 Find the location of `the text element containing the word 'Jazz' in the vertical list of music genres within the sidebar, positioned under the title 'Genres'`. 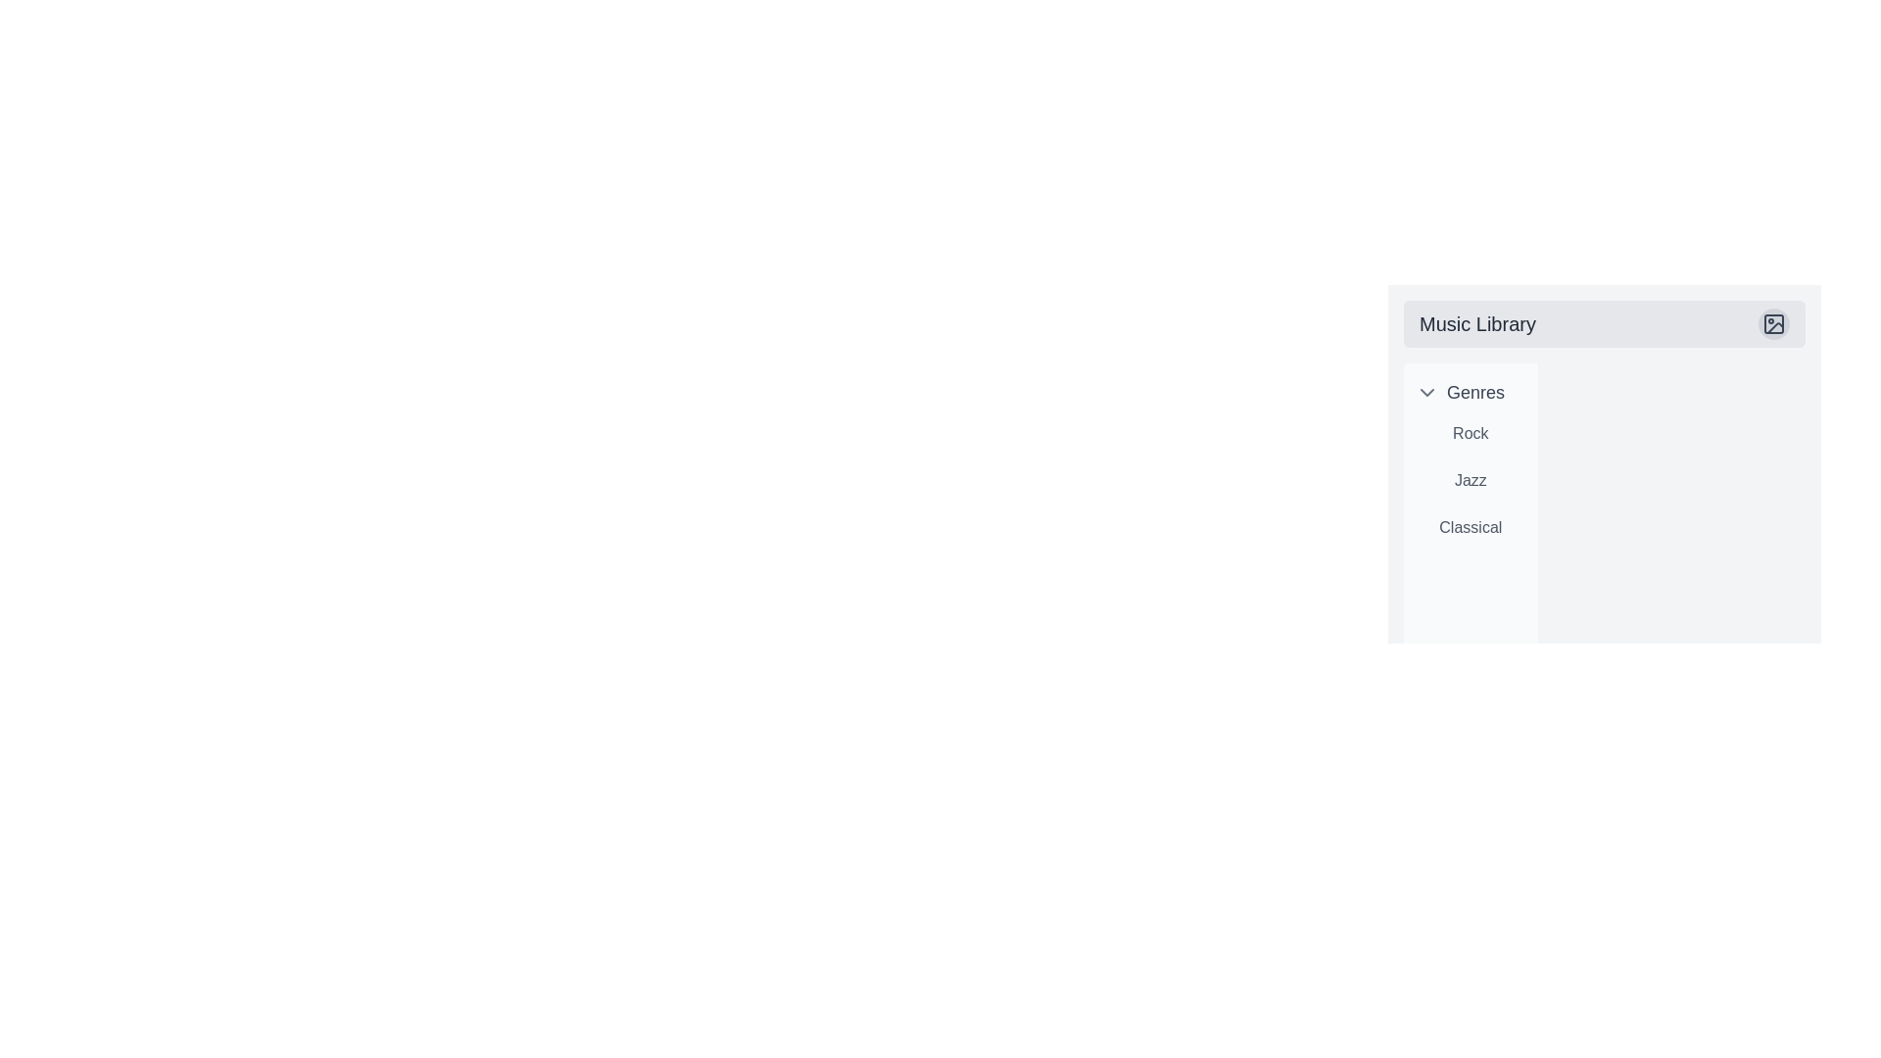

the text element containing the word 'Jazz' in the vertical list of music genres within the sidebar, positioned under the title 'Genres' is located at coordinates (1471, 480).